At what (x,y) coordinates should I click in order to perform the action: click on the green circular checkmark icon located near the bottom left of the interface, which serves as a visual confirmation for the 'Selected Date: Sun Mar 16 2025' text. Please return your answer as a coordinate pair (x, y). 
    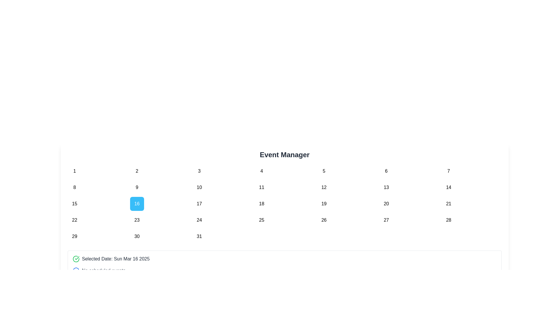
    Looking at the image, I should click on (77, 258).